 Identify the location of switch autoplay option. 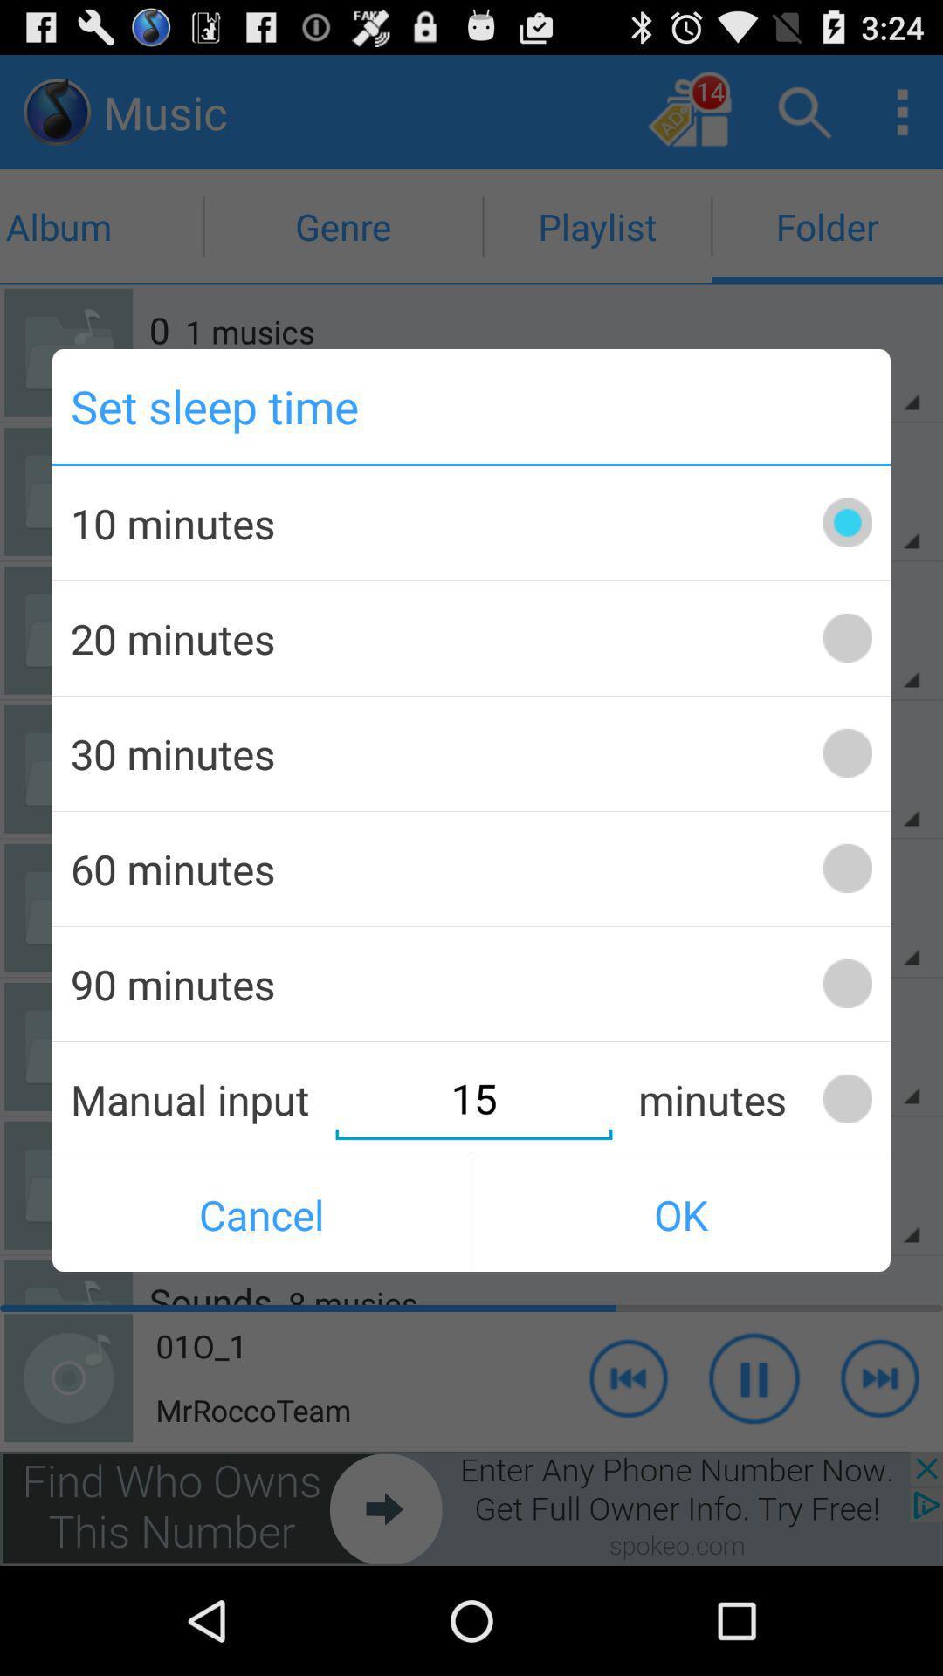
(846, 522).